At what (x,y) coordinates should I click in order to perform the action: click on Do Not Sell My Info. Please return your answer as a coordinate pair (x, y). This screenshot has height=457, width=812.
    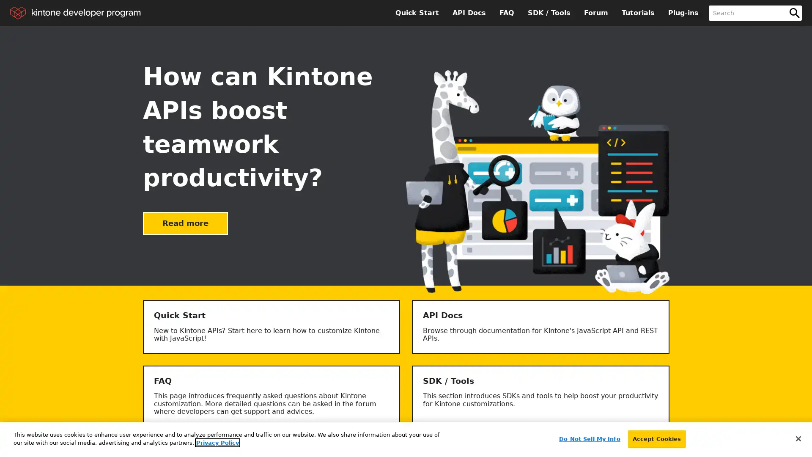
    Looking at the image, I should click on (589, 438).